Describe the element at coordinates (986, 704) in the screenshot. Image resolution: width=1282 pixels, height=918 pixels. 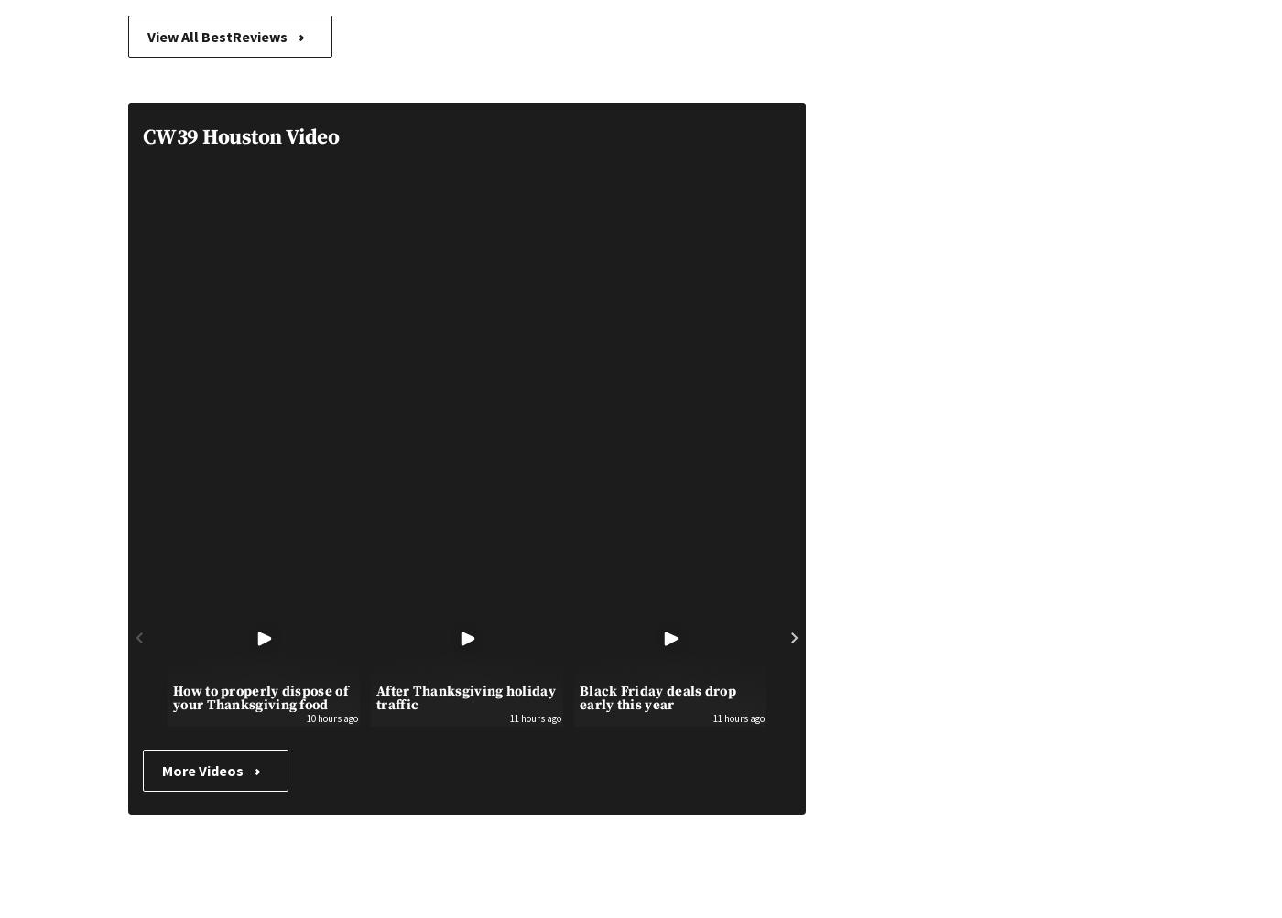
I see `'Nice for a few days, rain and a cold front this weekend'` at that location.